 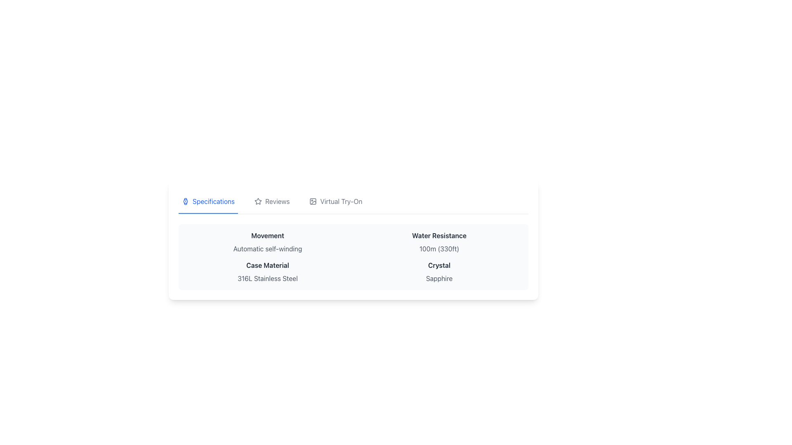 What do you see at coordinates (267, 278) in the screenshot?
I see `the text element displaying '316L Stainless Steel', which is the second line below the 'Case Material' header in the specification table` at bounding box center [267, 278].